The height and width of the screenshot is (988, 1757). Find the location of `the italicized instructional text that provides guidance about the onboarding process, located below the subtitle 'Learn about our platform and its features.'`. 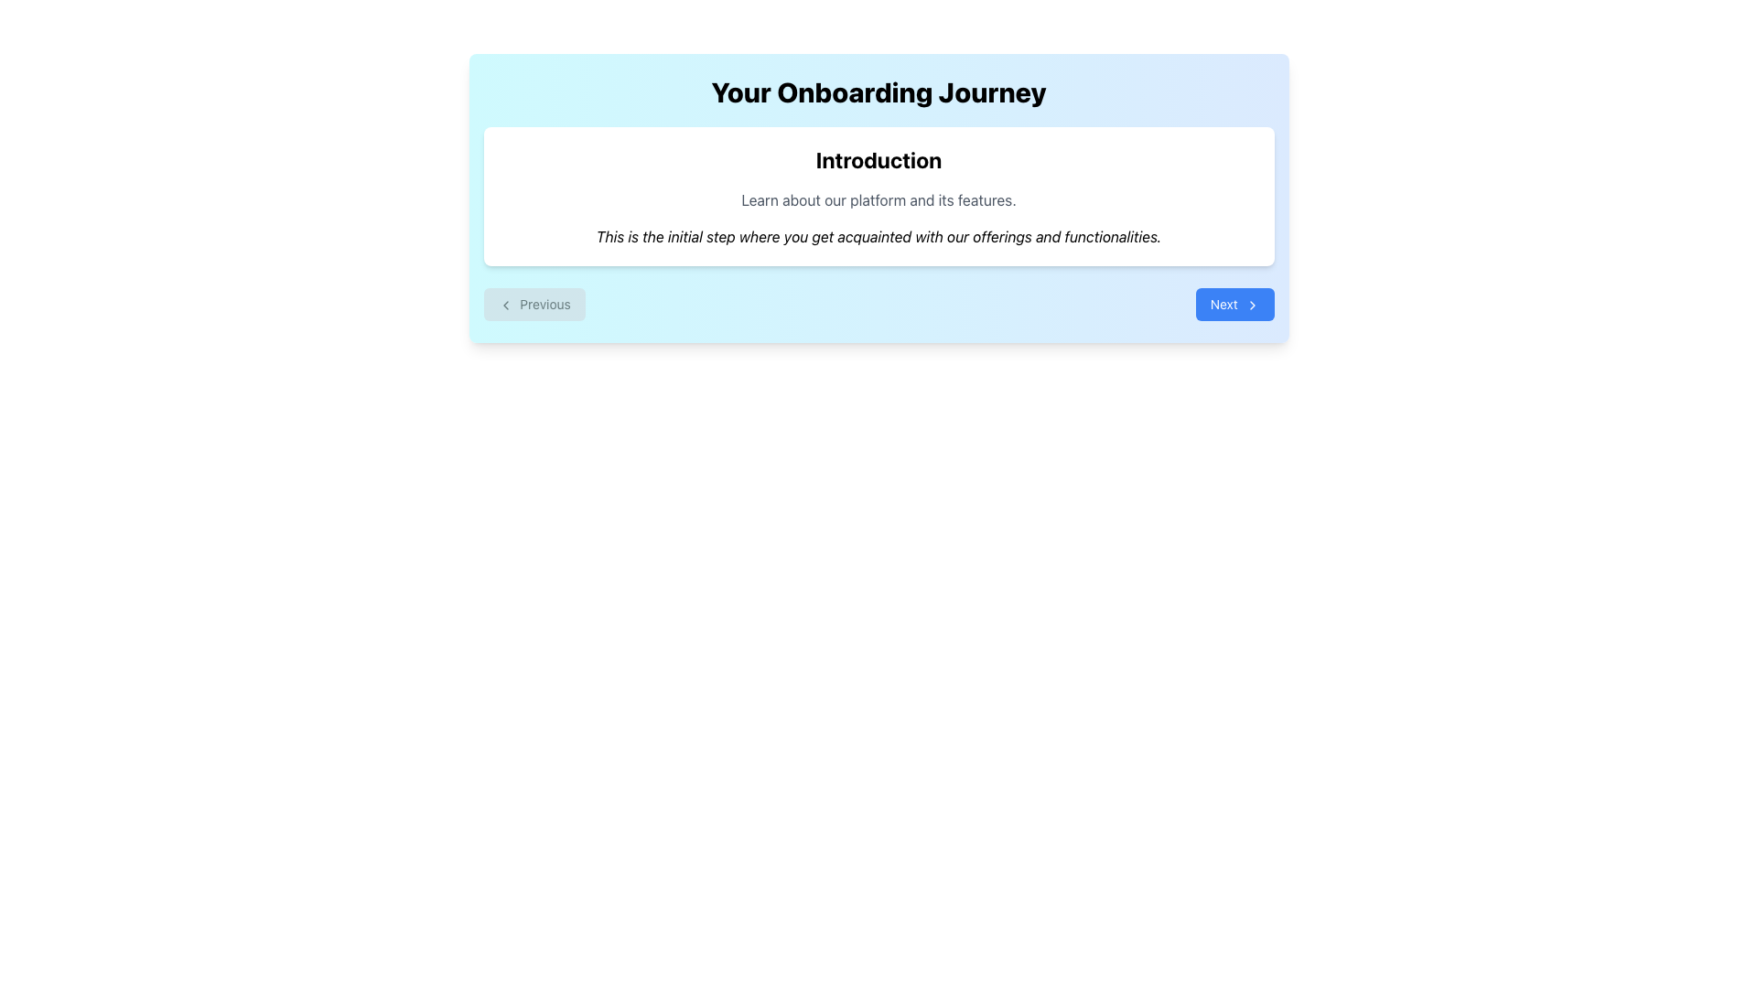

the italicized instructional text that provides guidance about the onboarding process, located below the subtitle 'Learn about our platform and its features.' is located at coordinates (878, 235).